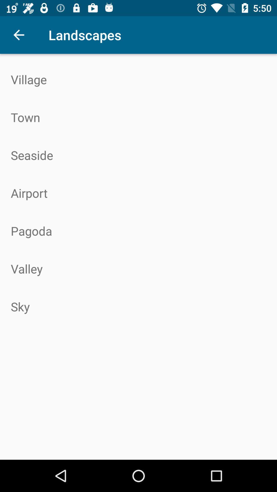 Image resolution: width=277 pixels, height=492 pixels. I want to click on the item below the village item, so click(138, 117).